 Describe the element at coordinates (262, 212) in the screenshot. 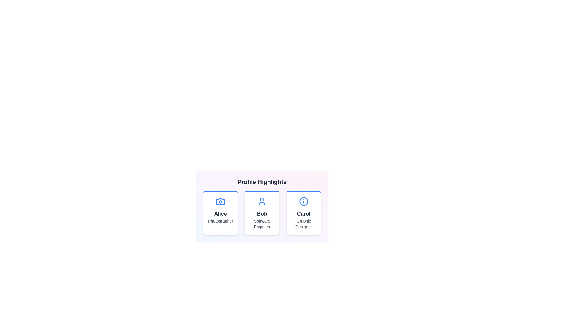

I see `the profile card of Bob to preview additional information` at that location.